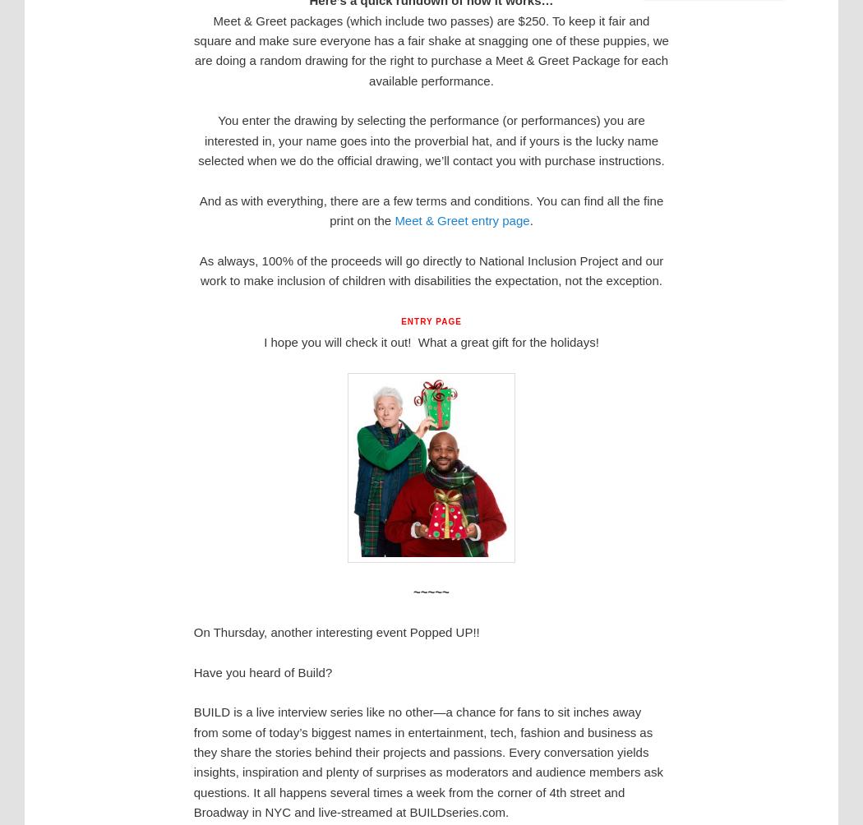 This screenshot has height=825, width=863. Describe the element at coordinates (401, 320) in the screenshot. I see `'ENTRY PAGE'` at that location.